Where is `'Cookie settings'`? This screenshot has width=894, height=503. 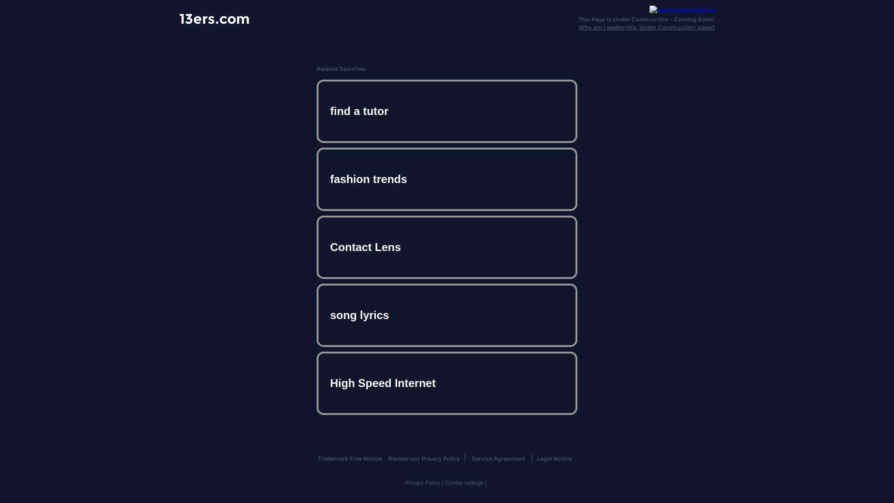 'Cookie settings' is located at coordinates (464, 483).